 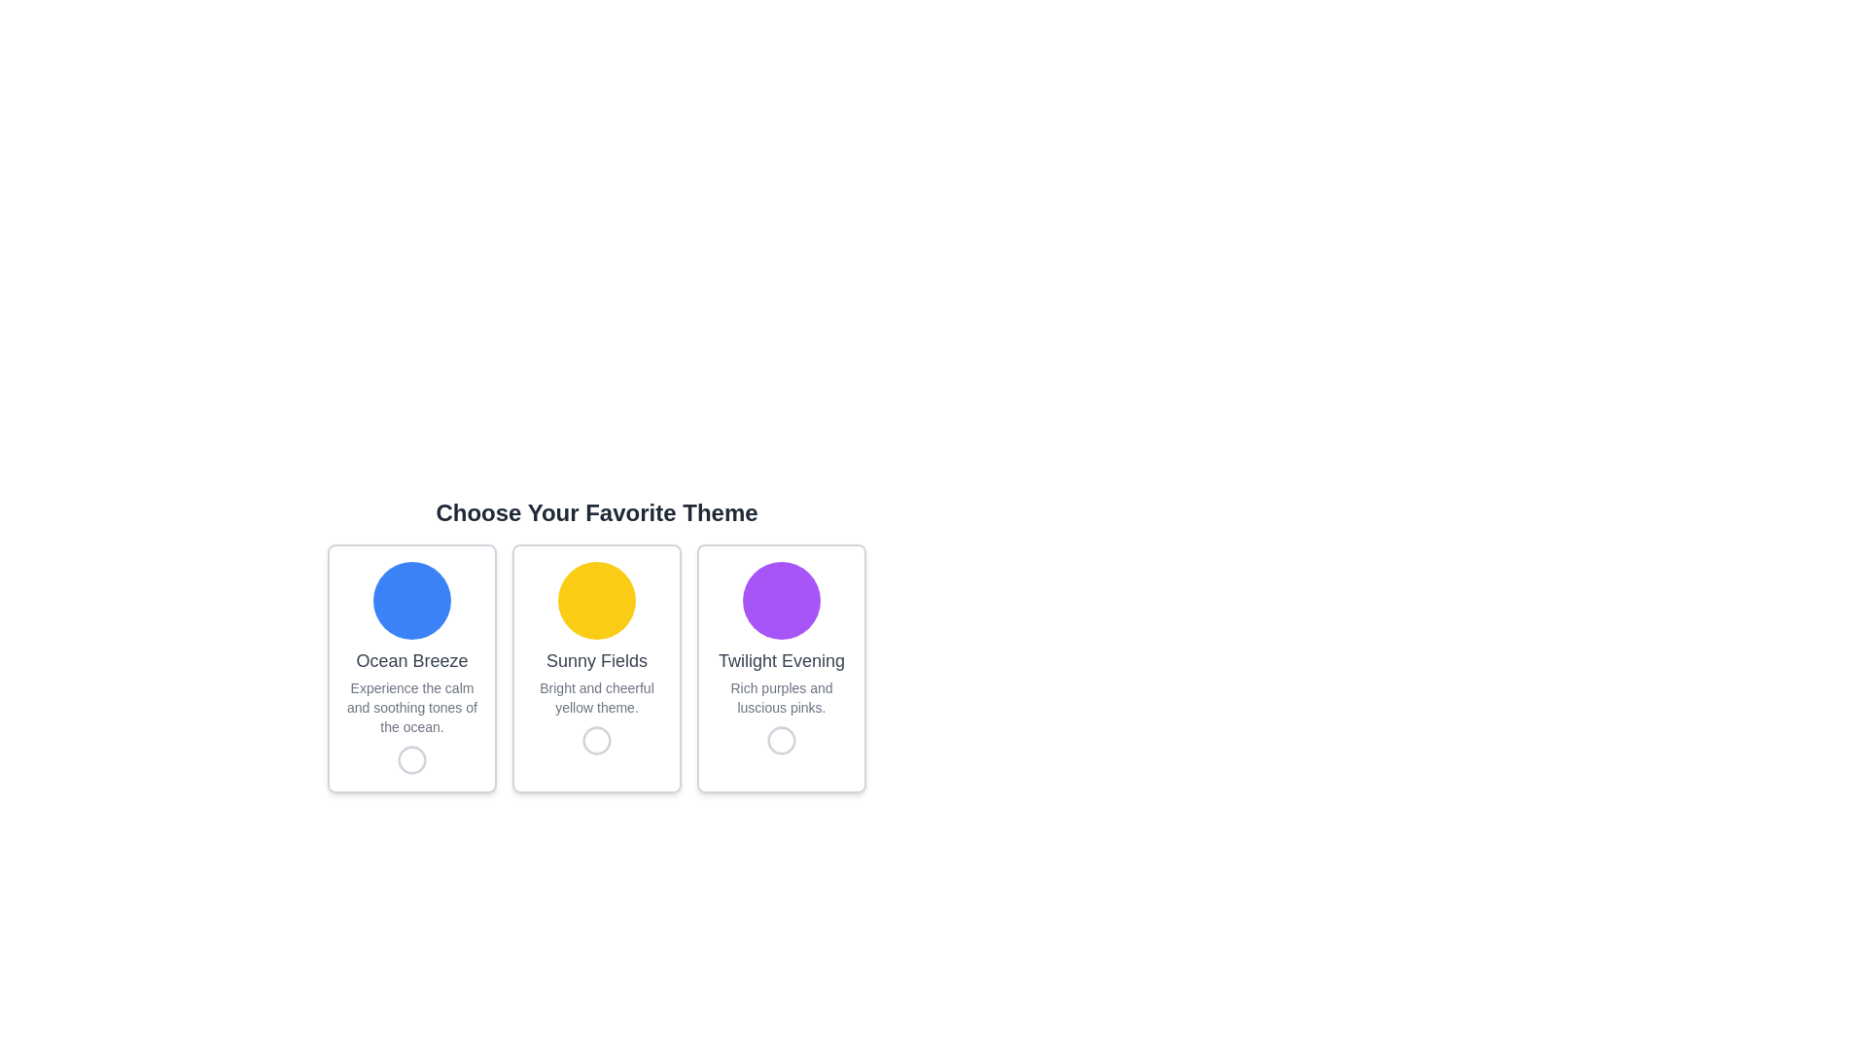 What do you see at coordinates (596, 741) in the screenshot?
I see `the circular icon with a gray border located directly beneath the 'Sunny Fields' text in the middle card of the three displayed options` at bounding box center [596, 741].